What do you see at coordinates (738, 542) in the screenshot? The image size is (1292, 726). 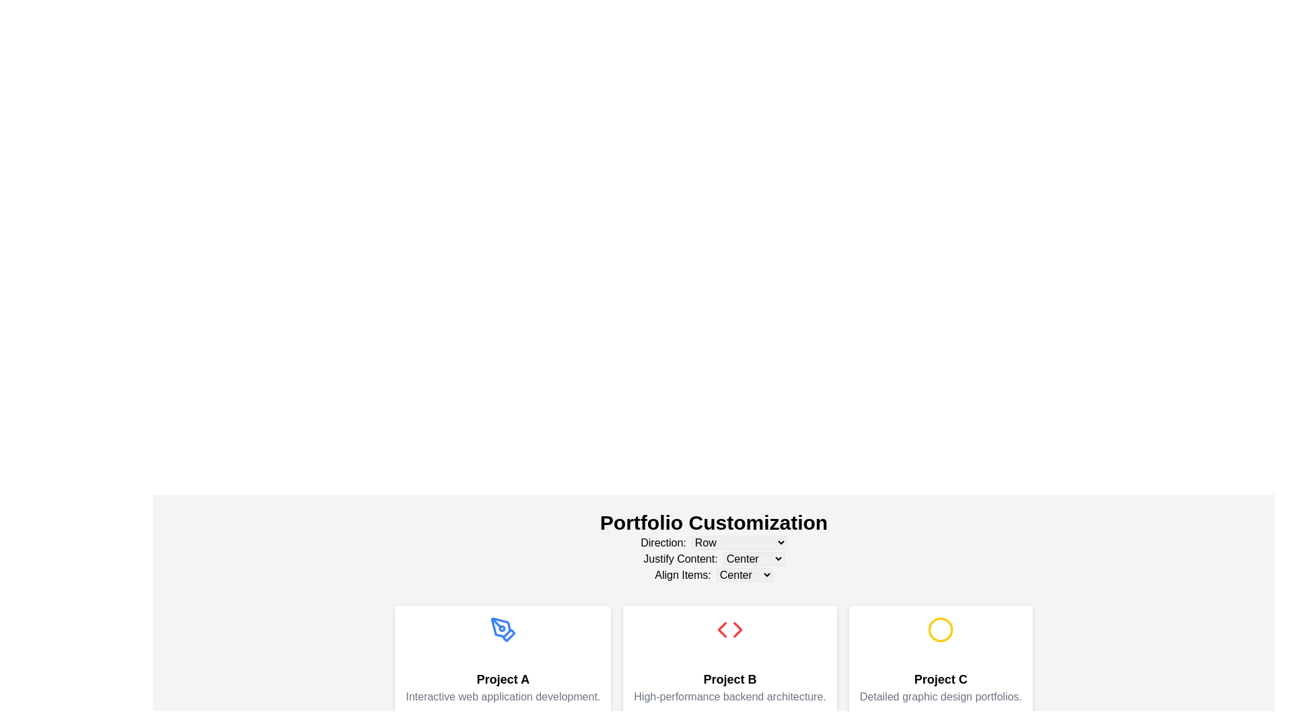 I see `the 'Row' dropdown menu` at bounding box center [738, 542].